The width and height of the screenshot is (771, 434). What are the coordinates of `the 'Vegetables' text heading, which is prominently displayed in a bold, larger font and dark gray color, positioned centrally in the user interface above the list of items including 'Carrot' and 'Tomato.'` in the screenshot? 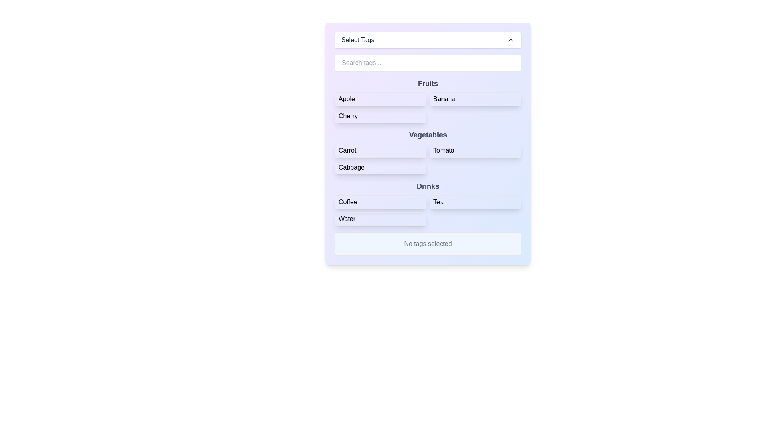 It's located at (427, 134).